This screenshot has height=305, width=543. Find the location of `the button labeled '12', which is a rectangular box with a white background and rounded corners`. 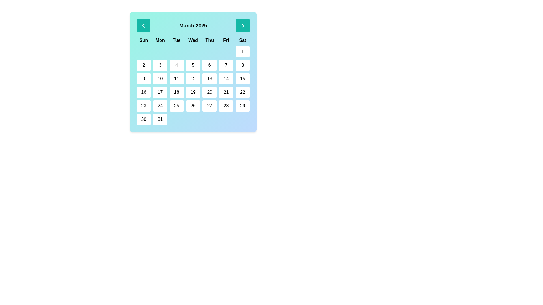

the button labeled '12', which is a rectangular box with a white background and rounded corners is located at coordinates (193, 79).